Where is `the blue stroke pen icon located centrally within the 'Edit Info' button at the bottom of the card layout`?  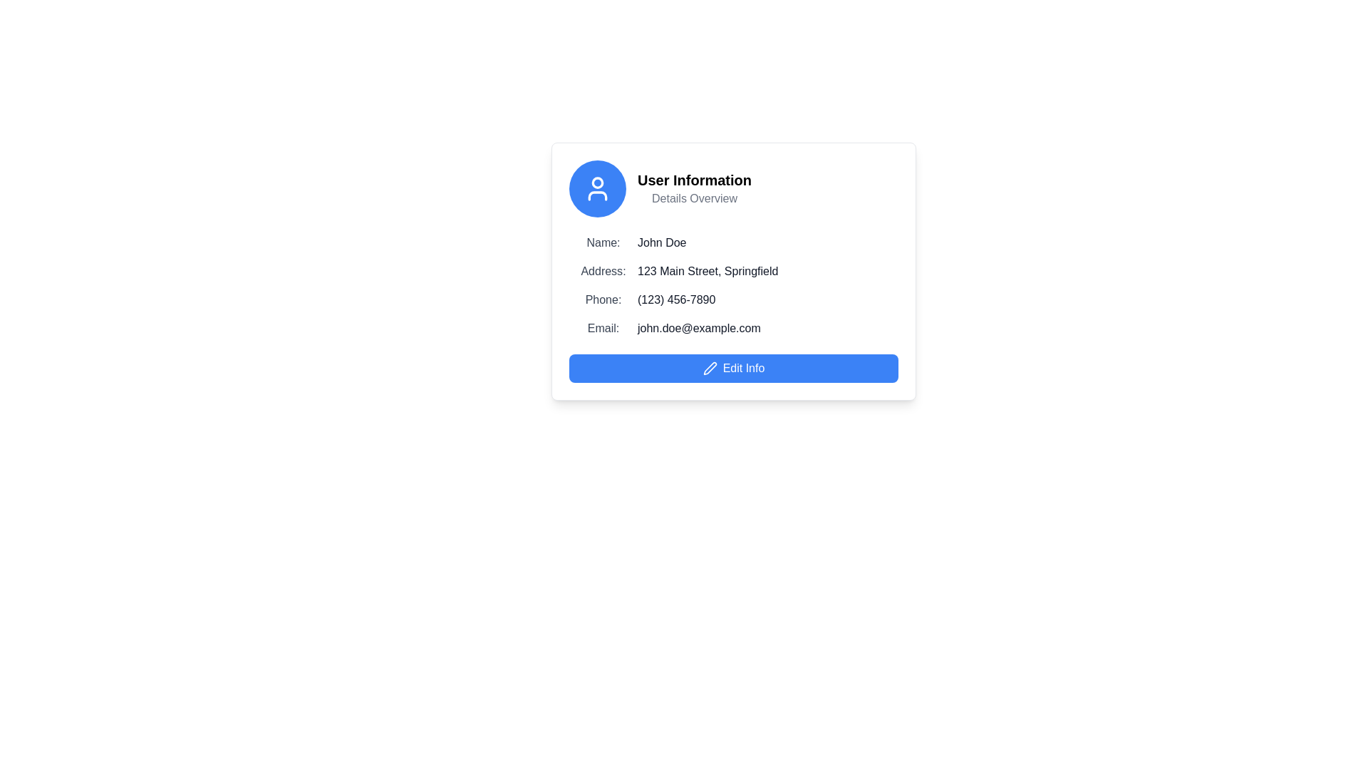 the blue stroke pen icon located centrally within the 'Edit Info' button at the bottom of the card layout is located at coordinates (710, 367).